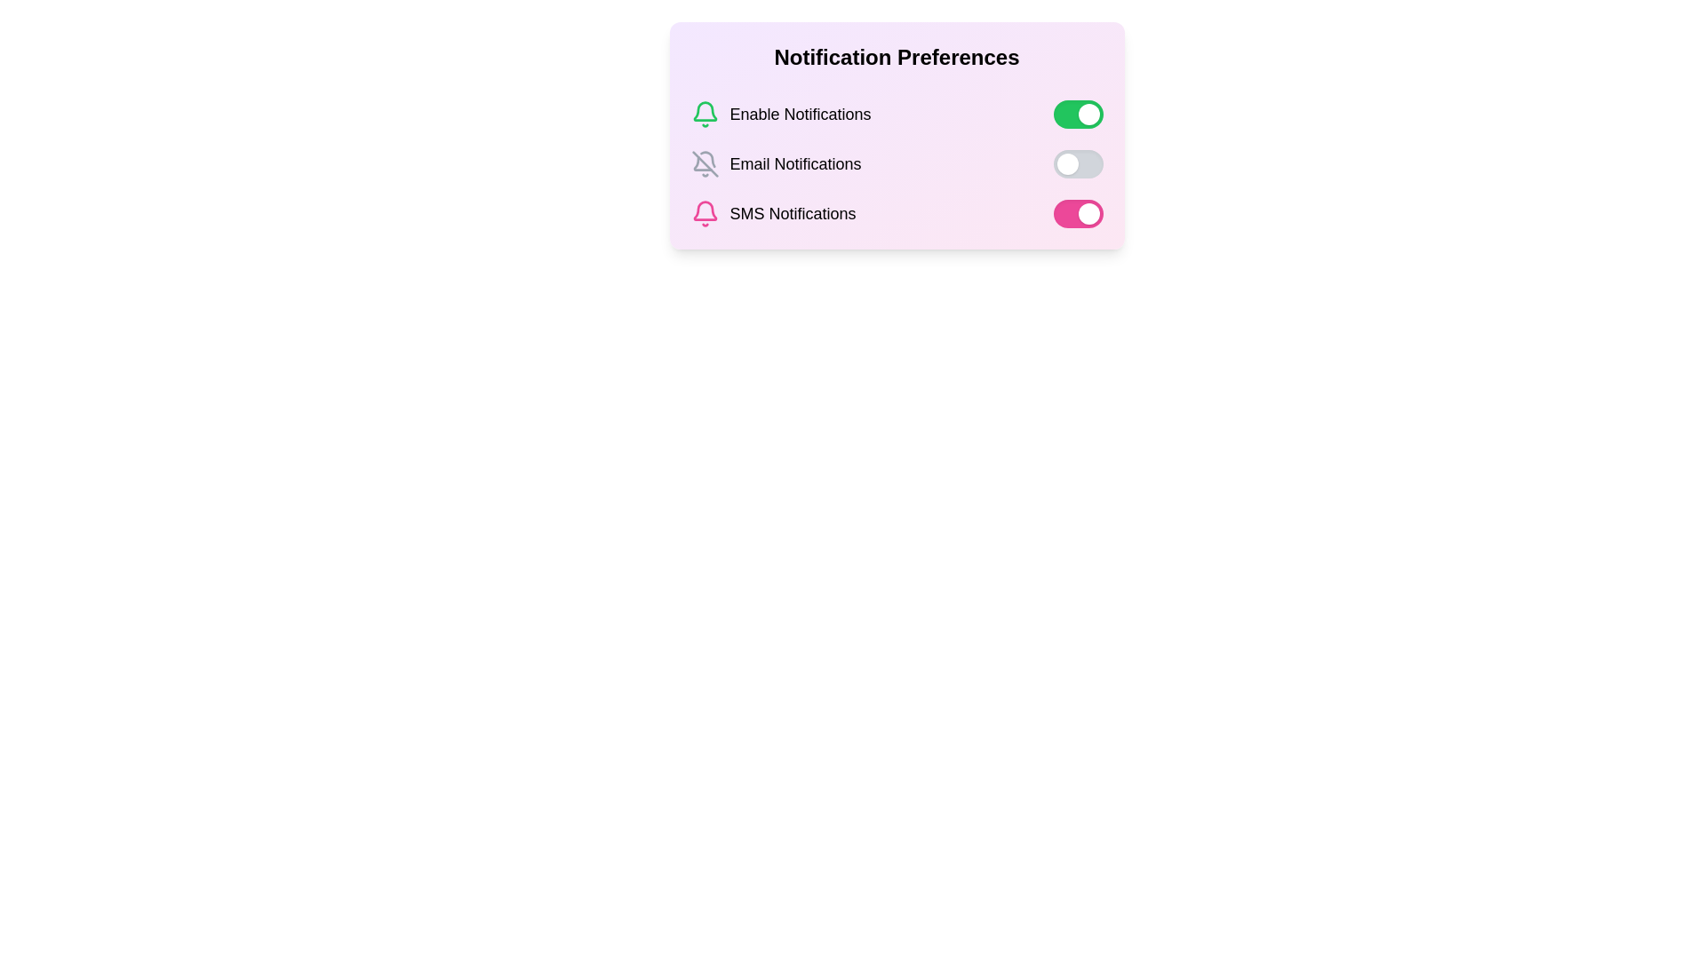 The width and height of the screenshot is (1706, 959). Describe the element at coordinates (800, 114) in the screenshot. I see `the 'Enable Notifications' label that displays the text in bold, medium-large sans-serif font, located between a green notification bell icon and a green toggle switch in the 'Notification Preferences' dialog box` at that location.